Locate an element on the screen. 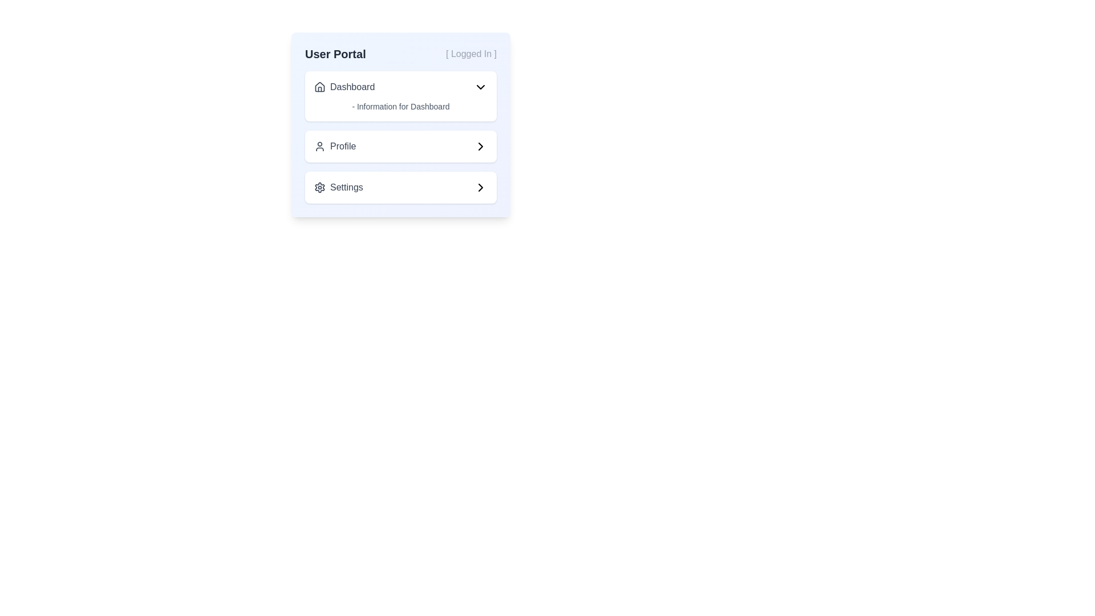 The height and width of the screenshot is (616, 1095). the Chevron icon located on the right side of the Dashboard section is located at coordinates (481, 87).